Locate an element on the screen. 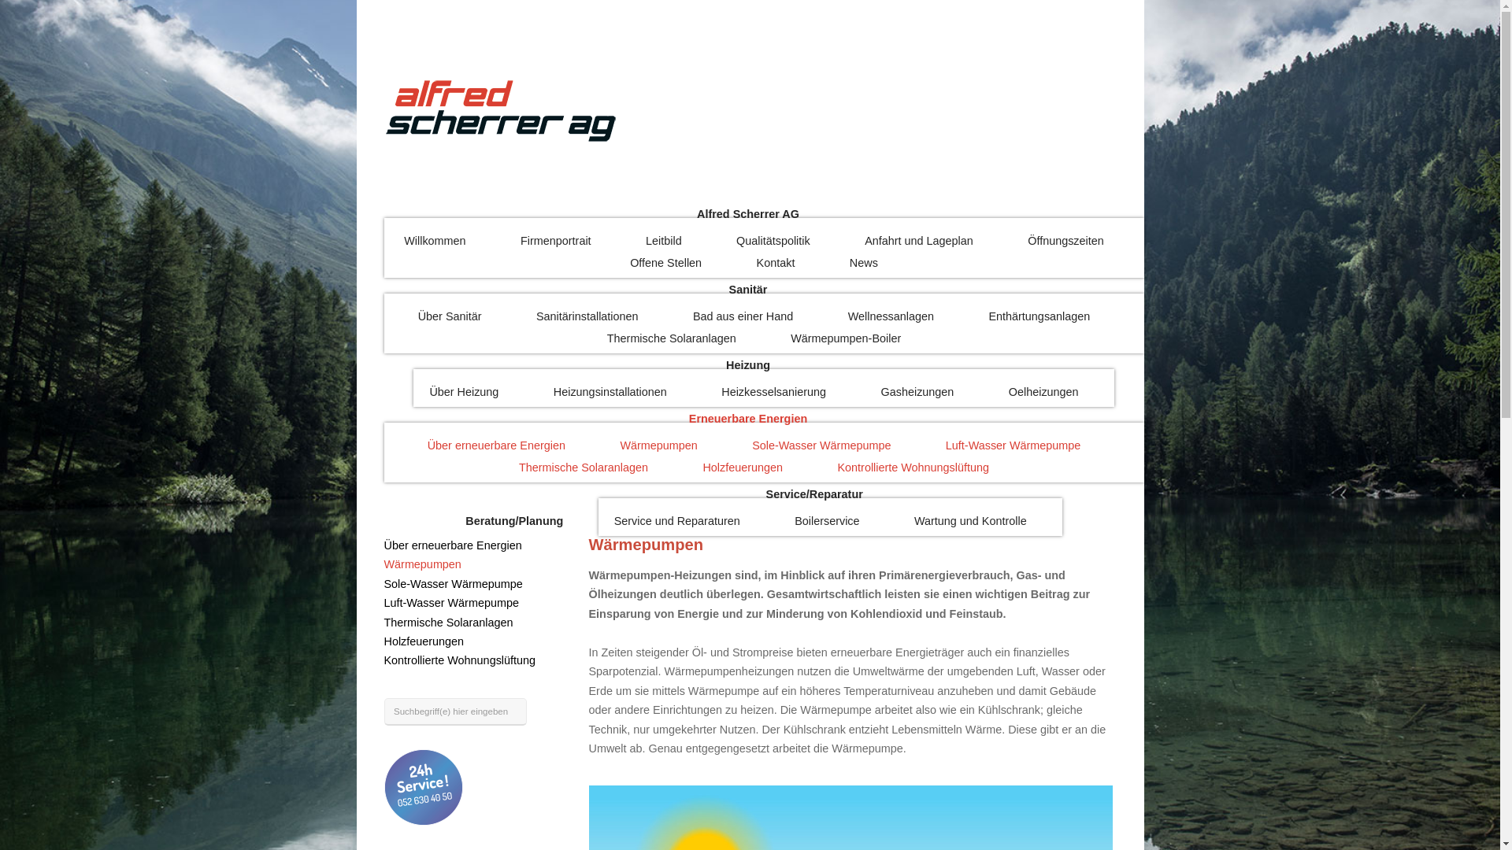 The width and height of the screenshot is (1512, 850). 'Kontakt' is located at coordinates (776, 266).